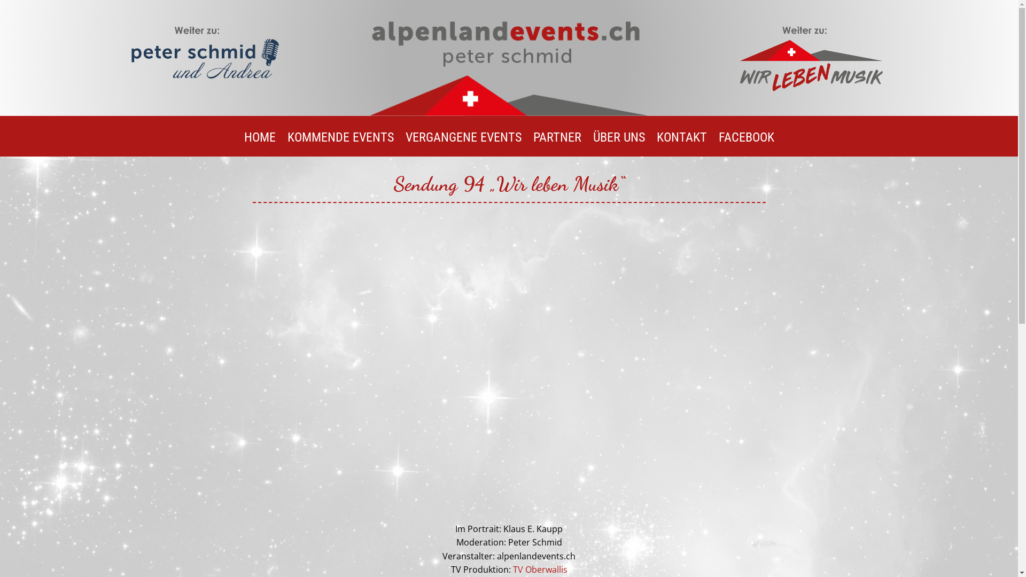 This screenshot has height=577, width=1026. Describe the element at coordinates (681, 145) in the screenshot. I see `'KONTAKT'` at that location.